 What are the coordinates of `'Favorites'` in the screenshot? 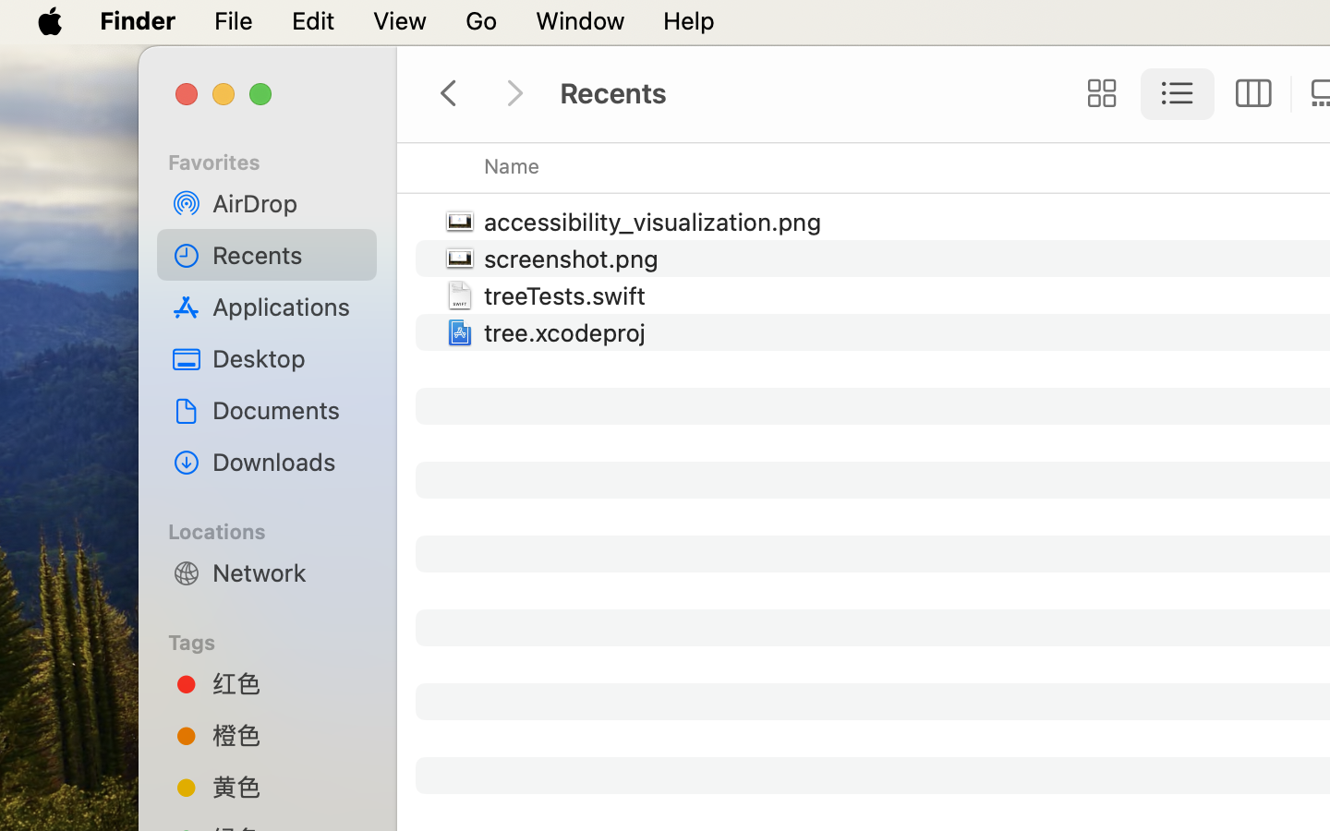 It's located at (276, 159).